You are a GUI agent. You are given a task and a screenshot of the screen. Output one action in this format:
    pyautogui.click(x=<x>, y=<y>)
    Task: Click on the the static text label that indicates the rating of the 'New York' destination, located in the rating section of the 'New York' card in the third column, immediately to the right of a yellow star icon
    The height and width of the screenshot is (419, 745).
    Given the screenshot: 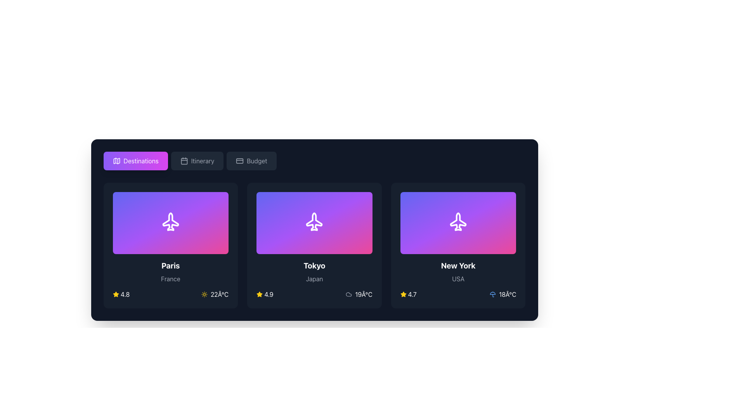 What is the action you would take?
    pyautogui.click(x=412, y=294)
    